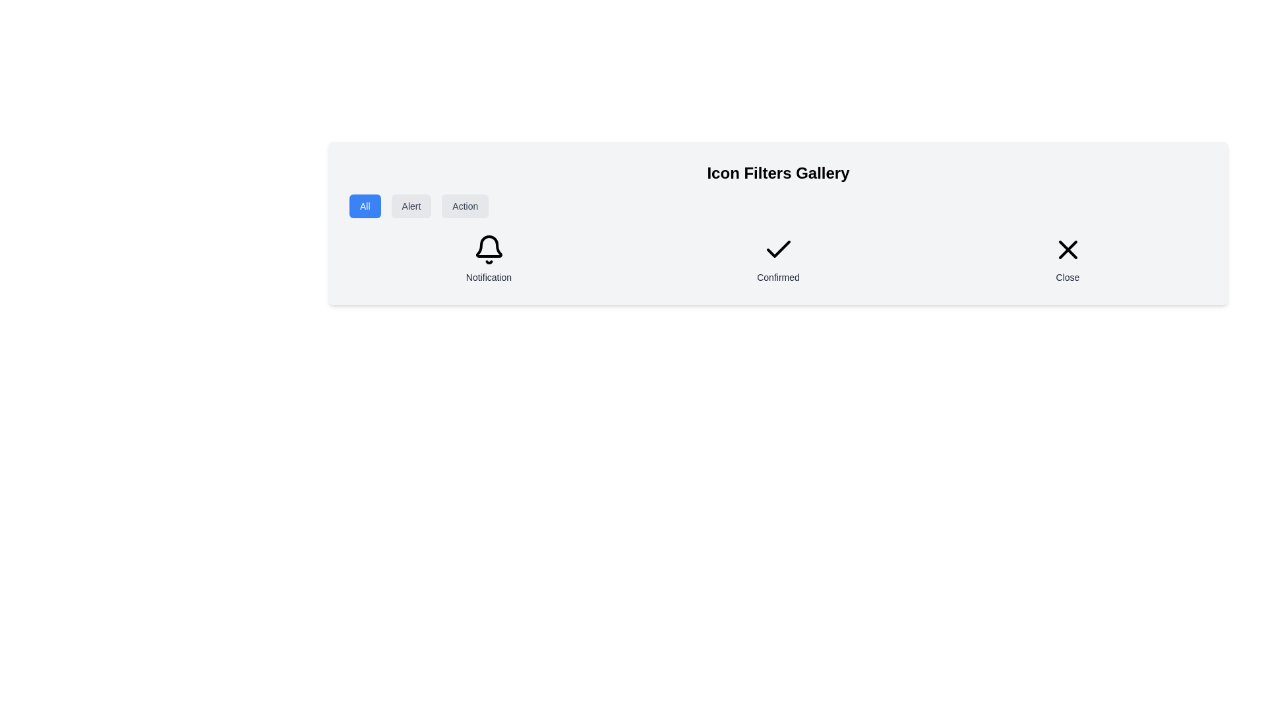 This screenshot has width=1266, height=712. I want to click on the 'All' filter category button, so click(365, 206).